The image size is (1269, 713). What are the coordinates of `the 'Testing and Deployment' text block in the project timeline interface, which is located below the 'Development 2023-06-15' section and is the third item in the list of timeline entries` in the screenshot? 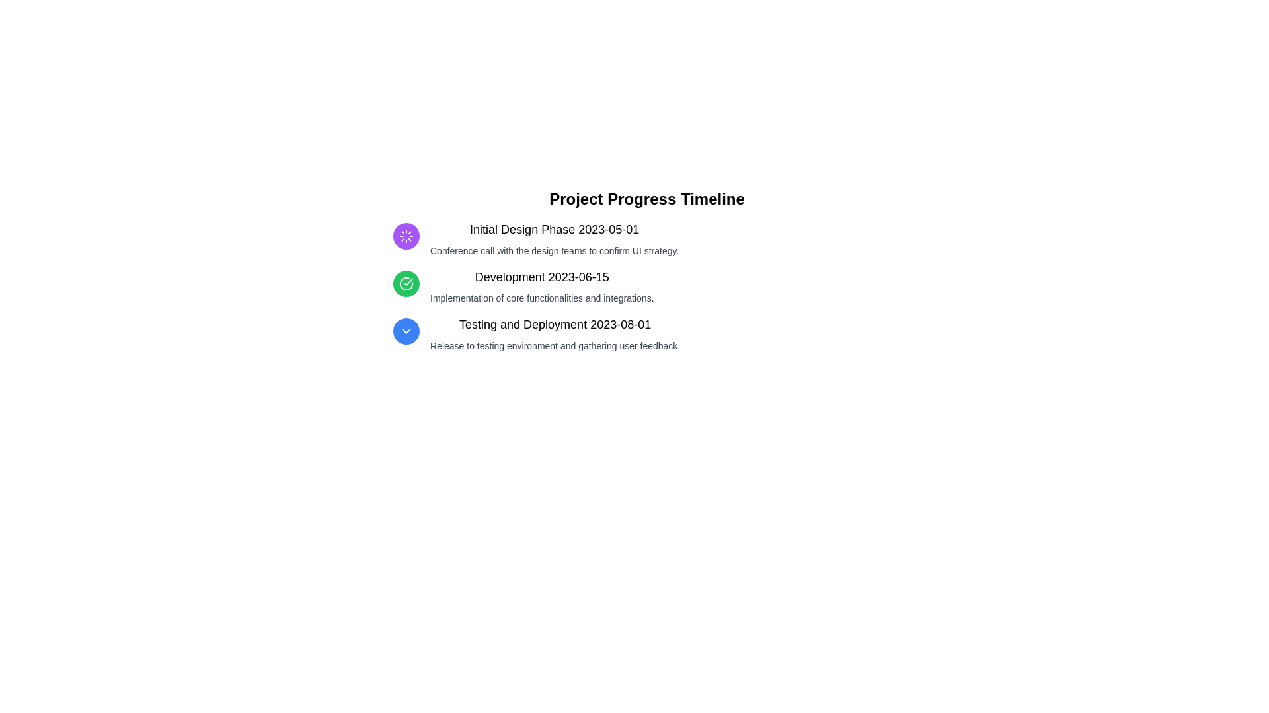 It's located at (555, 333).